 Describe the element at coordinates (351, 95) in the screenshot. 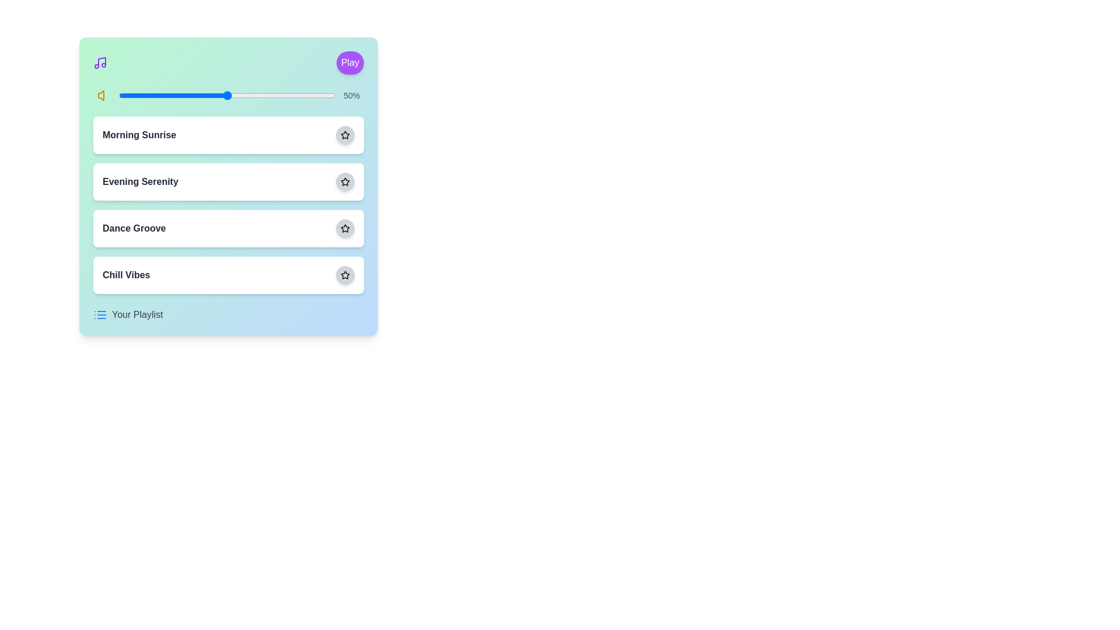

I see `the text label displaying '50%' in gray color, which is positioned at the far-right end of the horizontal slider component` at that location.